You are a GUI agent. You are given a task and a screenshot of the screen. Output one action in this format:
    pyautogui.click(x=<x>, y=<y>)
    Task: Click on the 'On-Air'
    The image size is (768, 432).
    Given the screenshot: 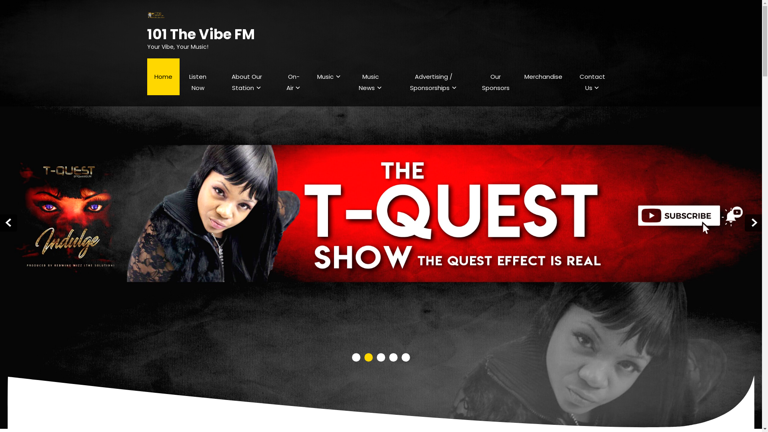 What is the action you would take?
    pyautogui.click(x=293, y=82)
    